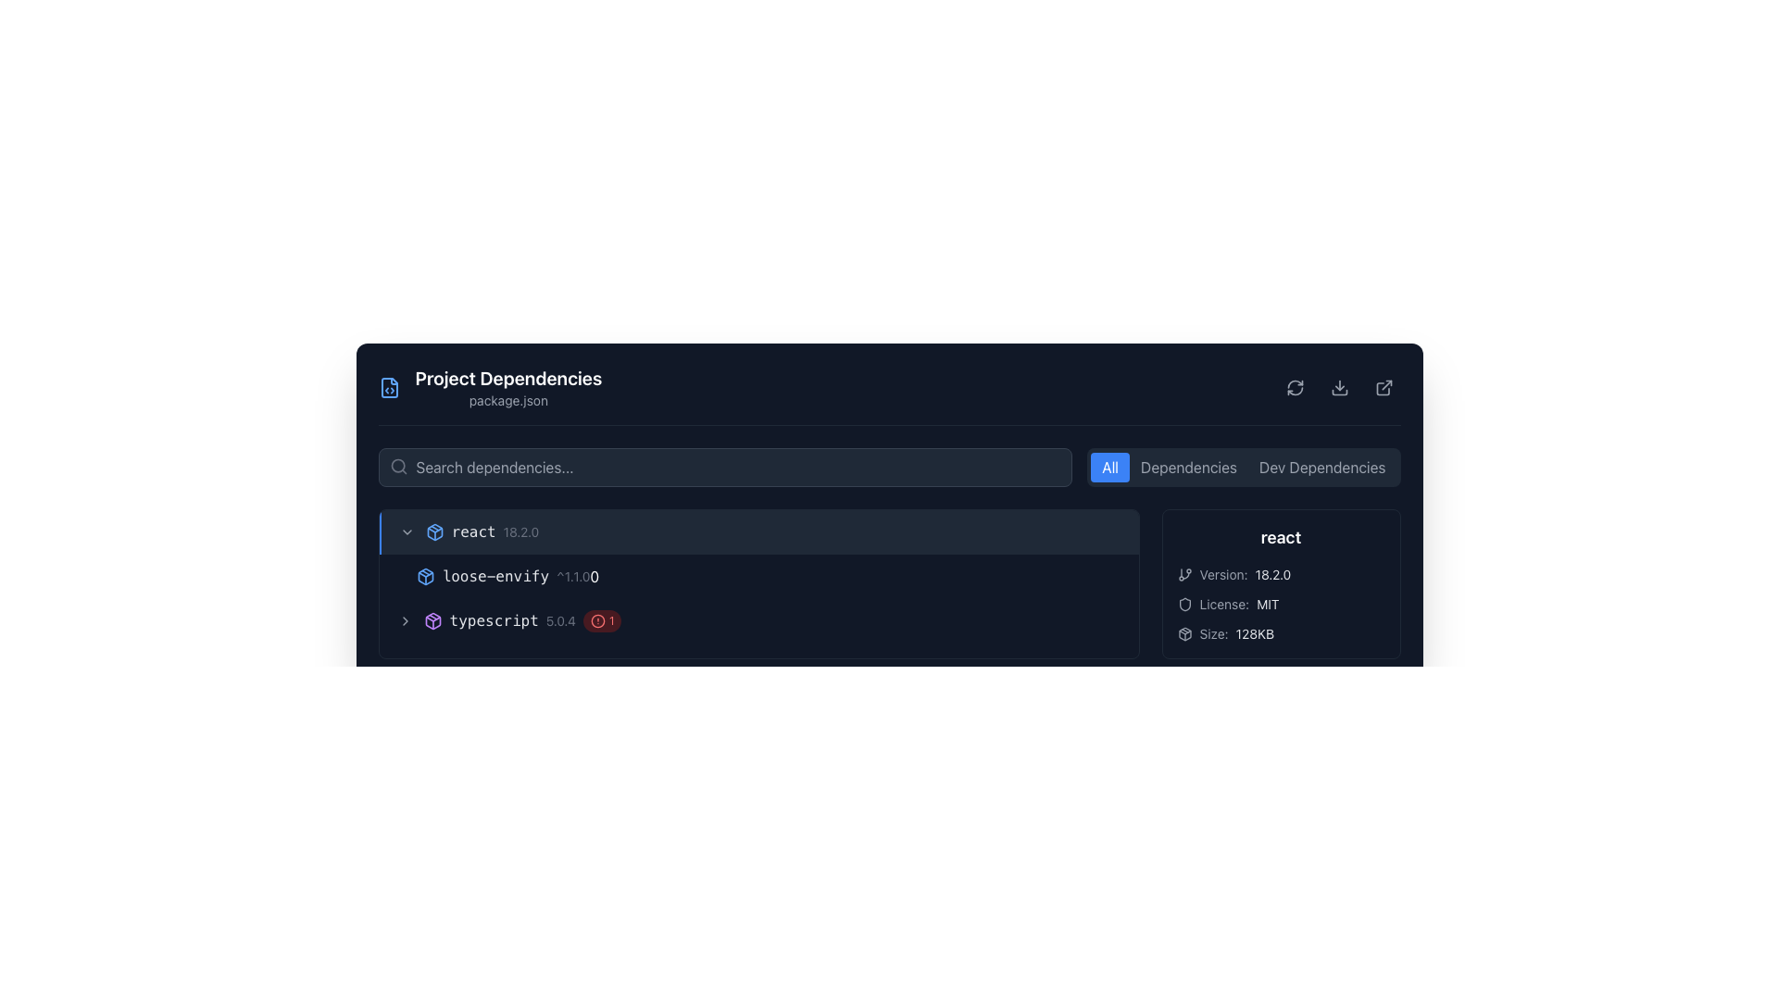 This screenshot has width=1778, height=1000. Describe the element at coordinates (1384, 387) in the screenshot. I see `the external link icon button located at the top-right corner of the 'Project Dependencies' section` at that location.